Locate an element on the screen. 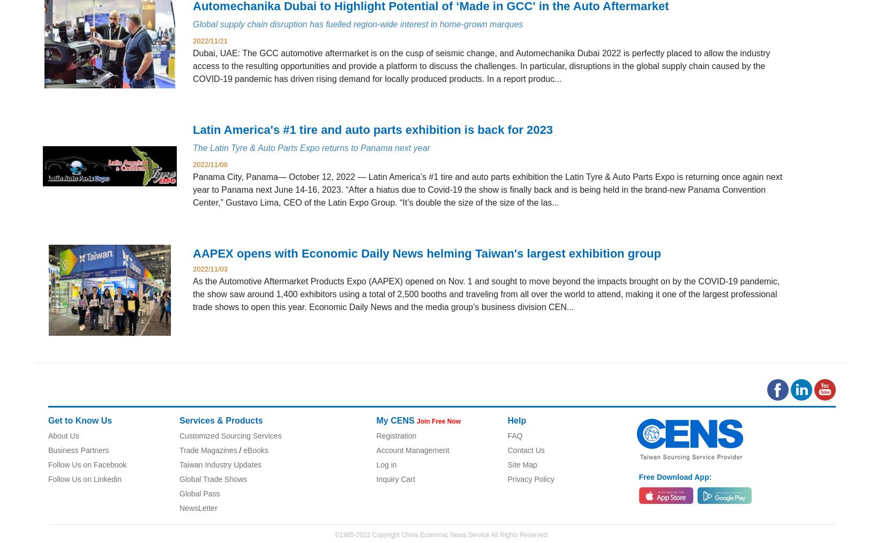 Image resolution: width=884 pixels, height=543 pixels. '/' is located at coordinates (239, 449).